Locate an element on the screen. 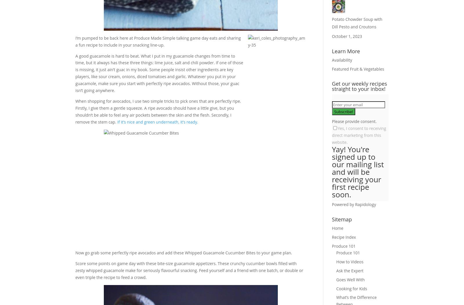 This screenshot has width=464, height=305. 'If it’s nice and green underneath, it’s ready.' is located at coordinates (157, 121).